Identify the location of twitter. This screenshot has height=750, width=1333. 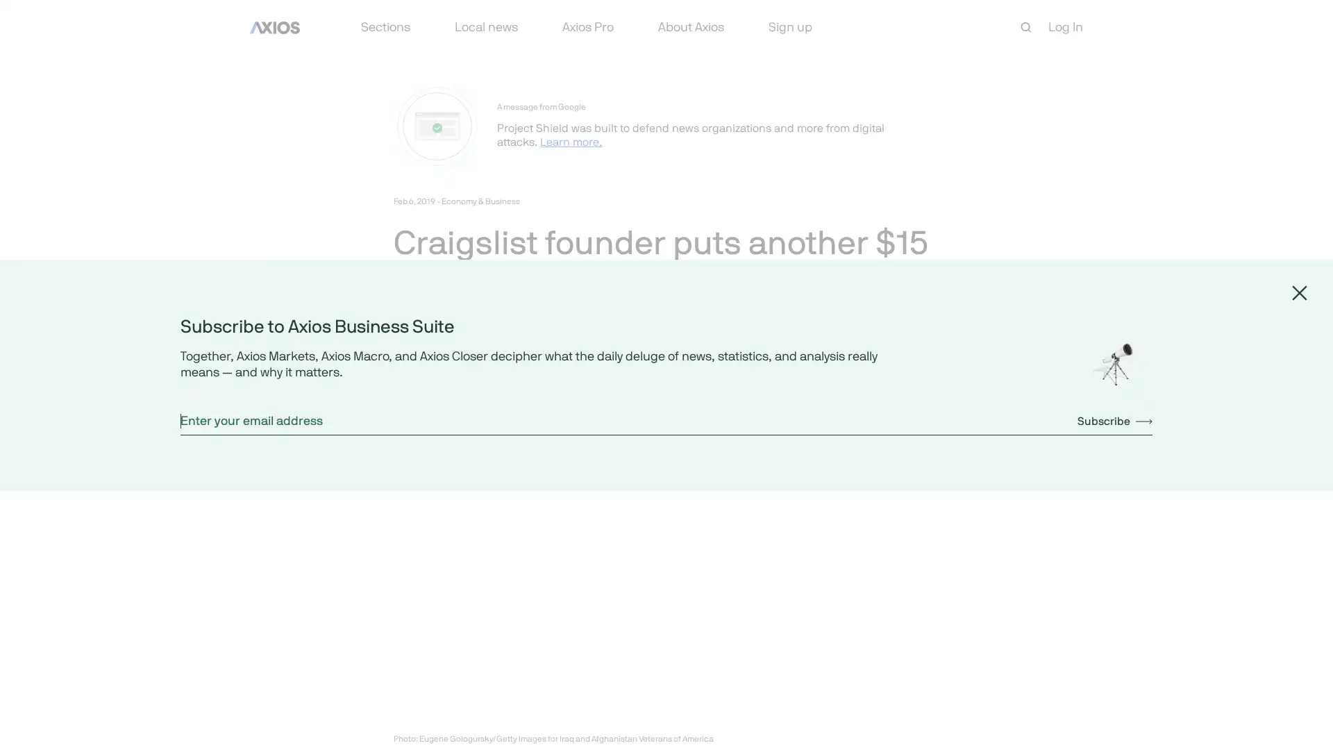
(436, 377).